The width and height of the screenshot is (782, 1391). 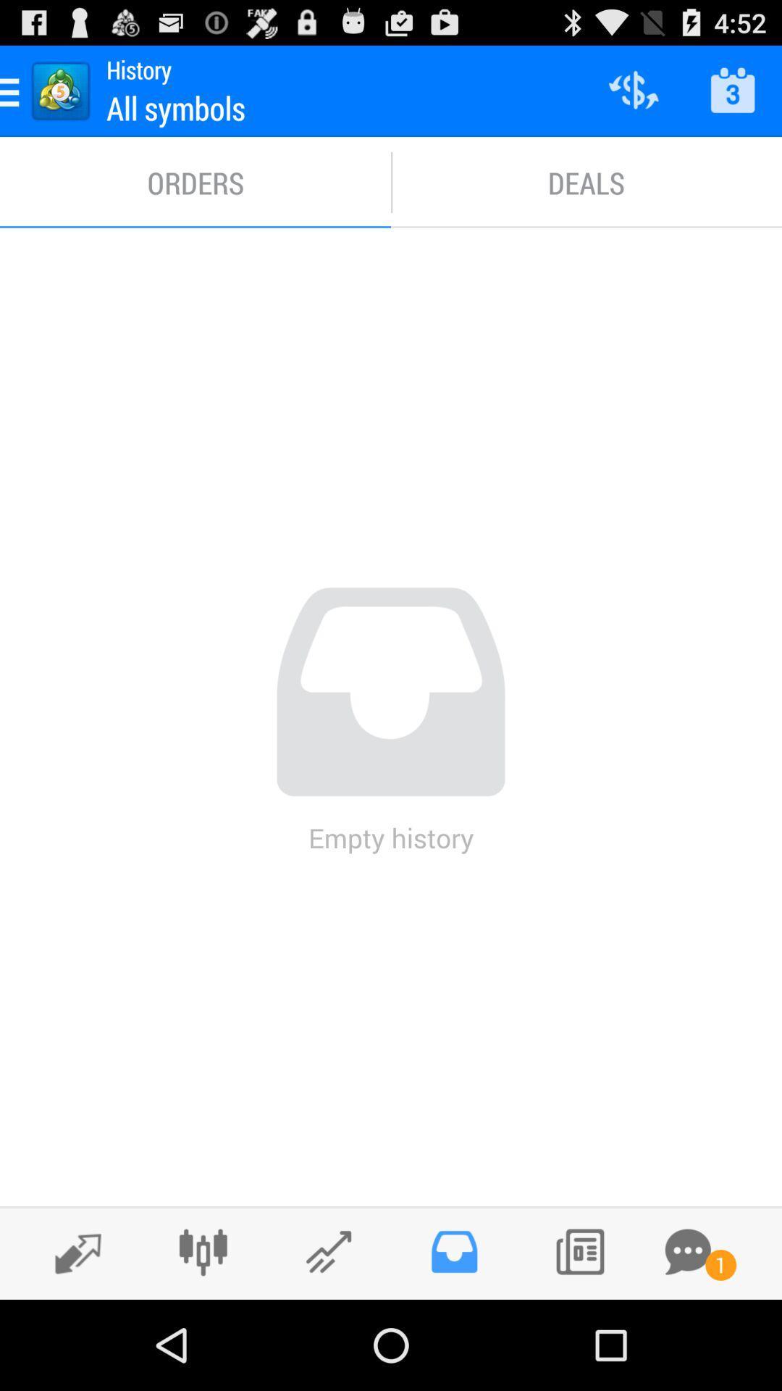 I want to click on the sliders icon, so click(x=203, y=1339).